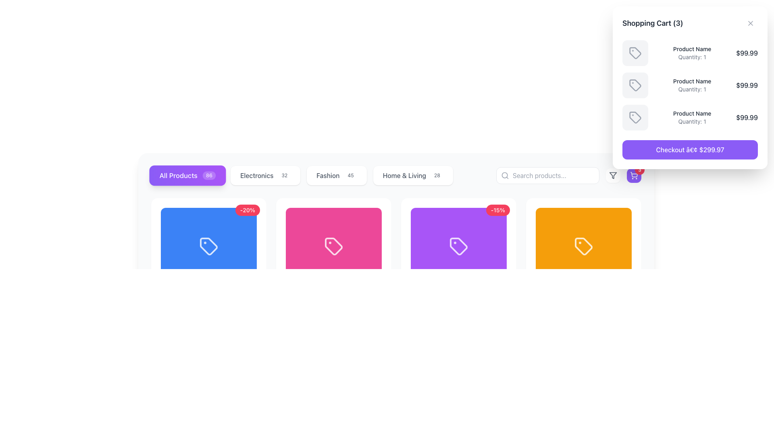 The width and height of the screenshot is (774, 435). Describe the element at coordinates (209, 246) in the screenshot. I see `the first product card in the shopping interface that has a discount badge (-20%) in the top-right corner` at that location.